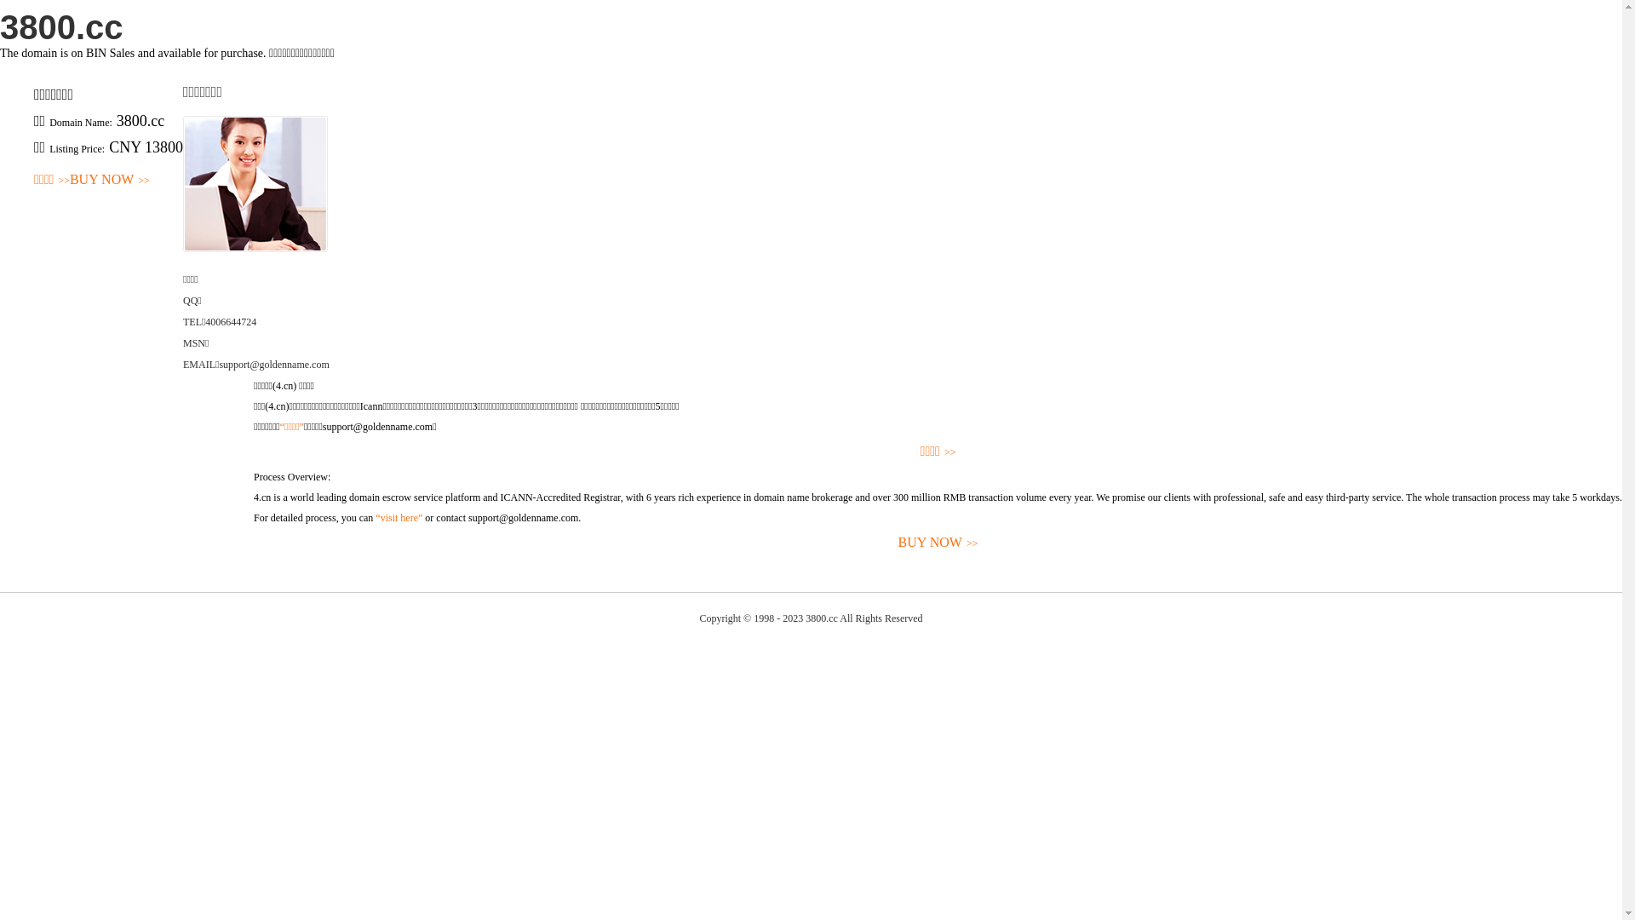 This screenshot has height=920, width=1635. I want to click on 'BUY NOW>>', so click(68, 180).